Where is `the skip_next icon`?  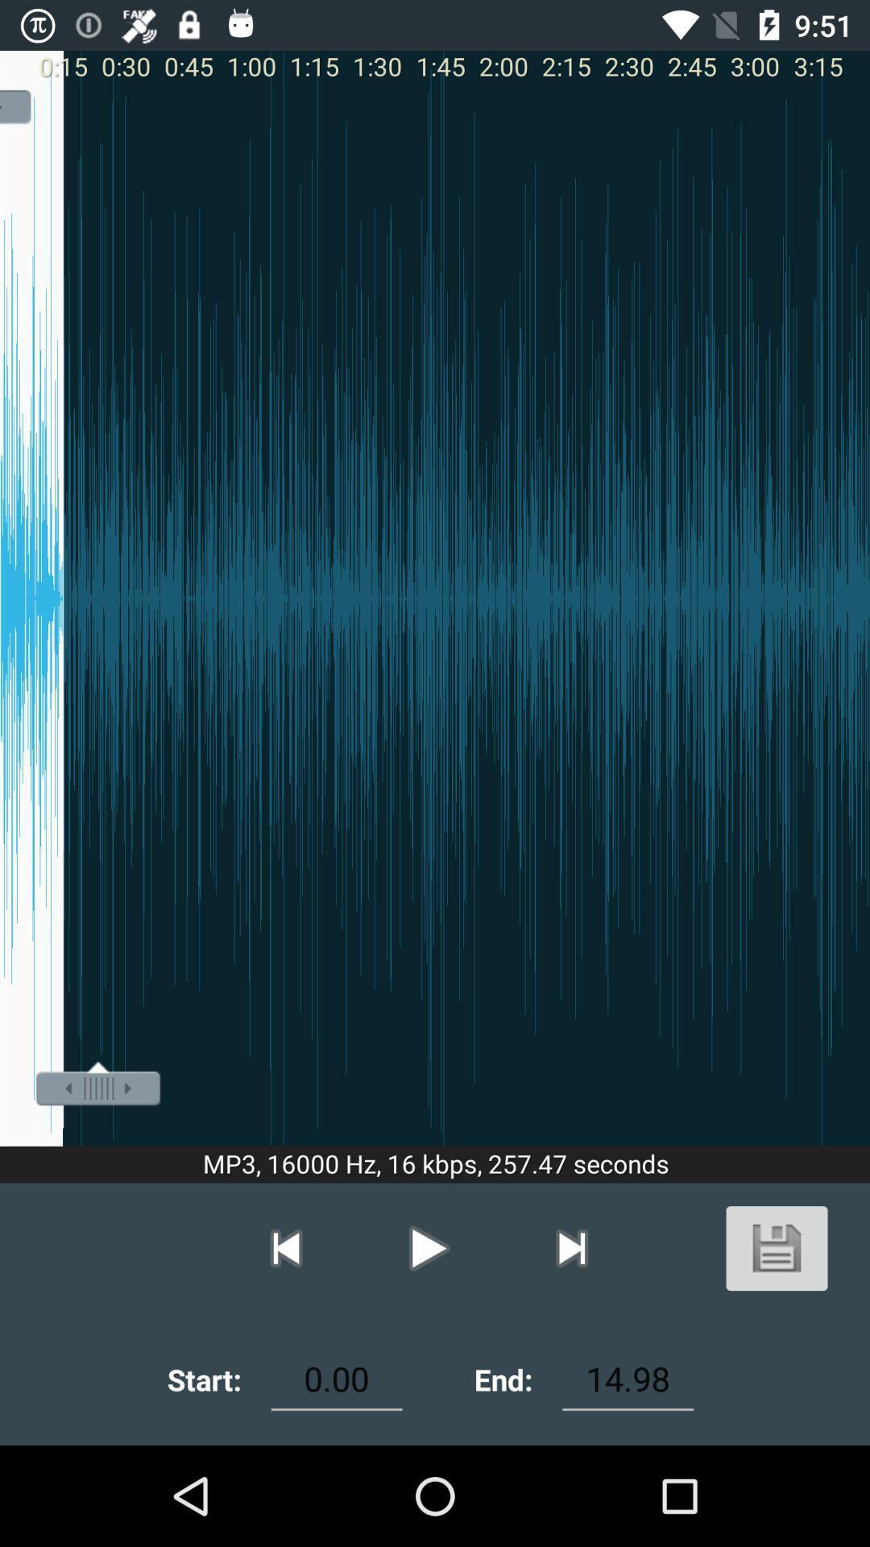 the skip_next icon is located at coordinates (571, 1247).